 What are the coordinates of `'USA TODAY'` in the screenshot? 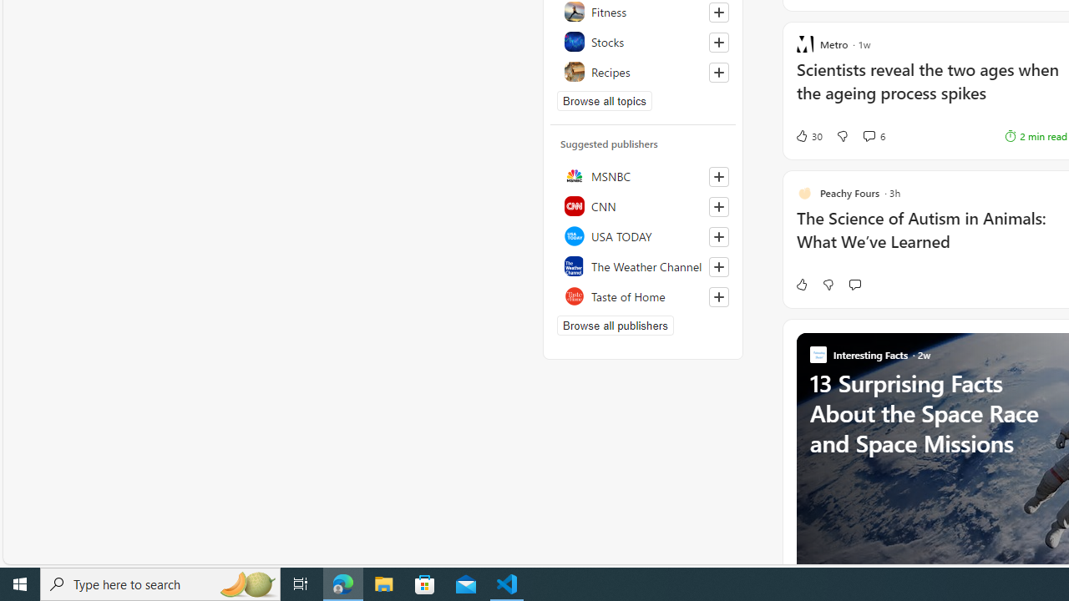 It's located at (642, 235).